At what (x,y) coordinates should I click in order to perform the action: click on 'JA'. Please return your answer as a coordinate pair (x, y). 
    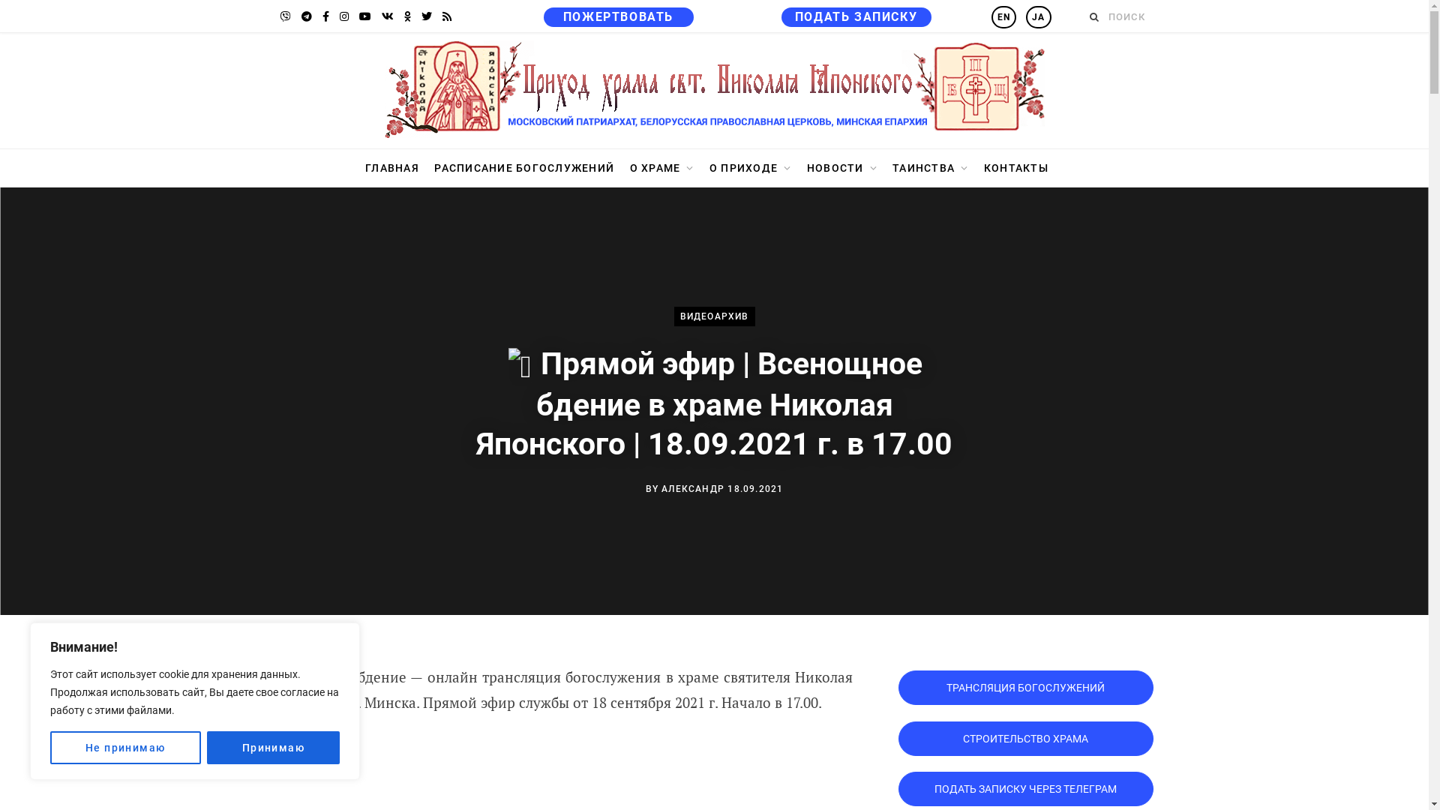
    Looking at the image, I should click on (1037, 17).